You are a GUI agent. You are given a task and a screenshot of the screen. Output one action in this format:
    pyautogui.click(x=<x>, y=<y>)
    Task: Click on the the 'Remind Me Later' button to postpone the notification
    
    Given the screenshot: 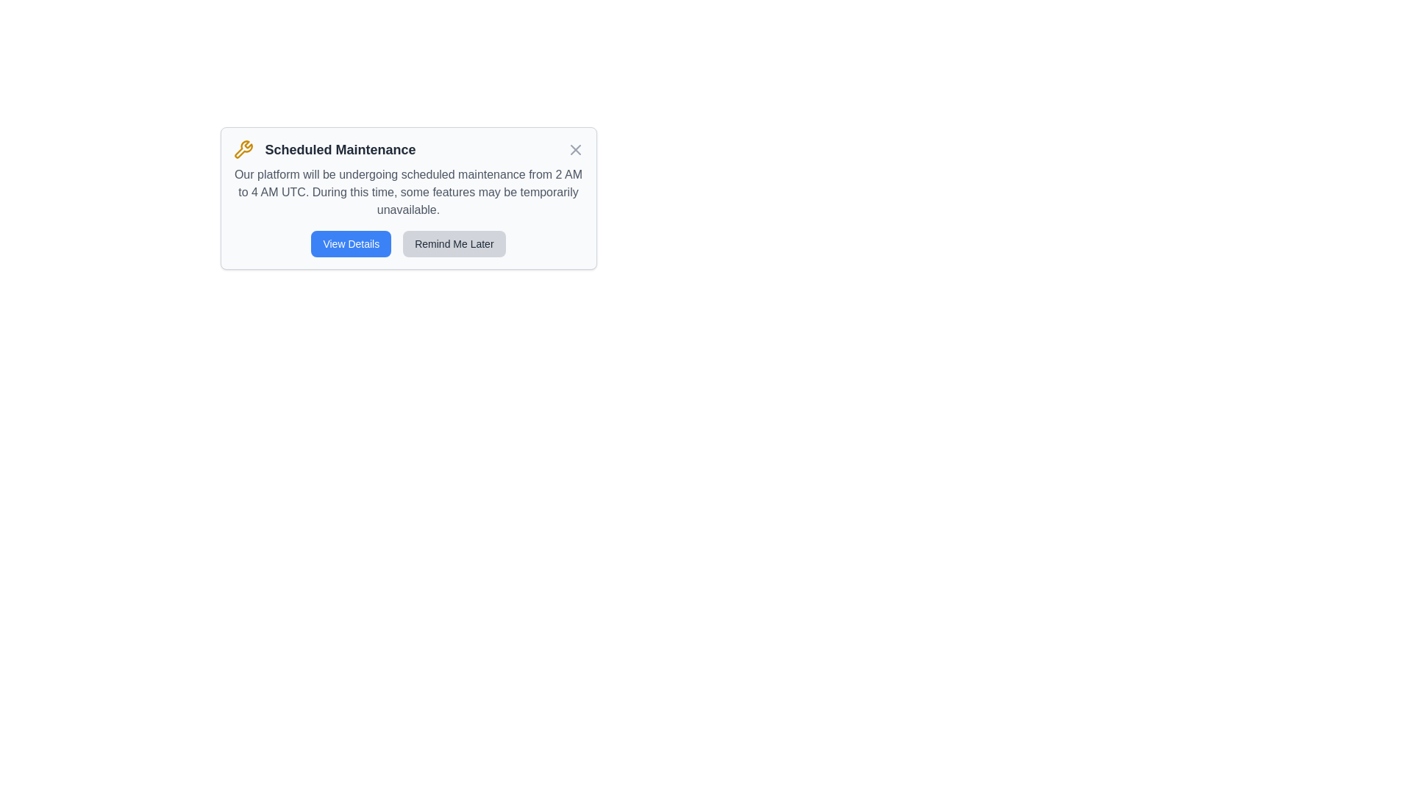 What is the action you would take?
    pyautogui.click(x=453, y=243)
    